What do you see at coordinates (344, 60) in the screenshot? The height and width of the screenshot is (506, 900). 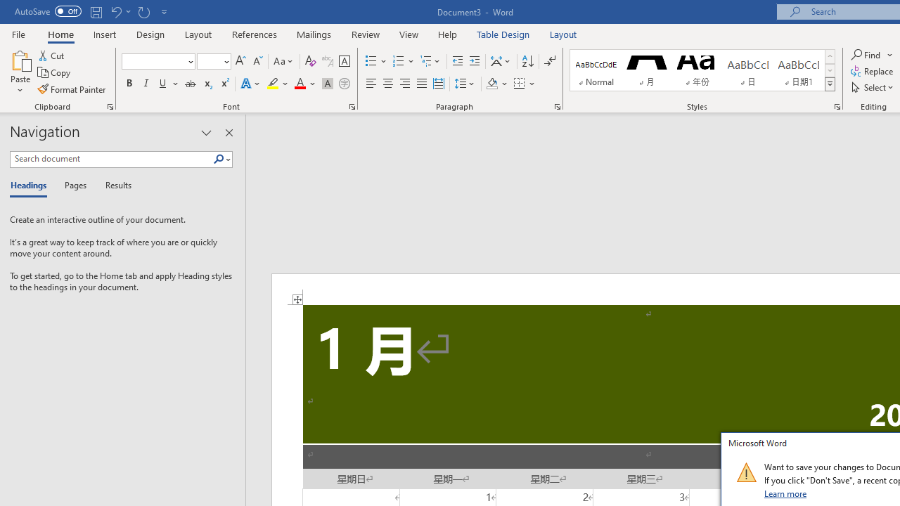 I see `'Character Border'` at bounding box center [344, 60].